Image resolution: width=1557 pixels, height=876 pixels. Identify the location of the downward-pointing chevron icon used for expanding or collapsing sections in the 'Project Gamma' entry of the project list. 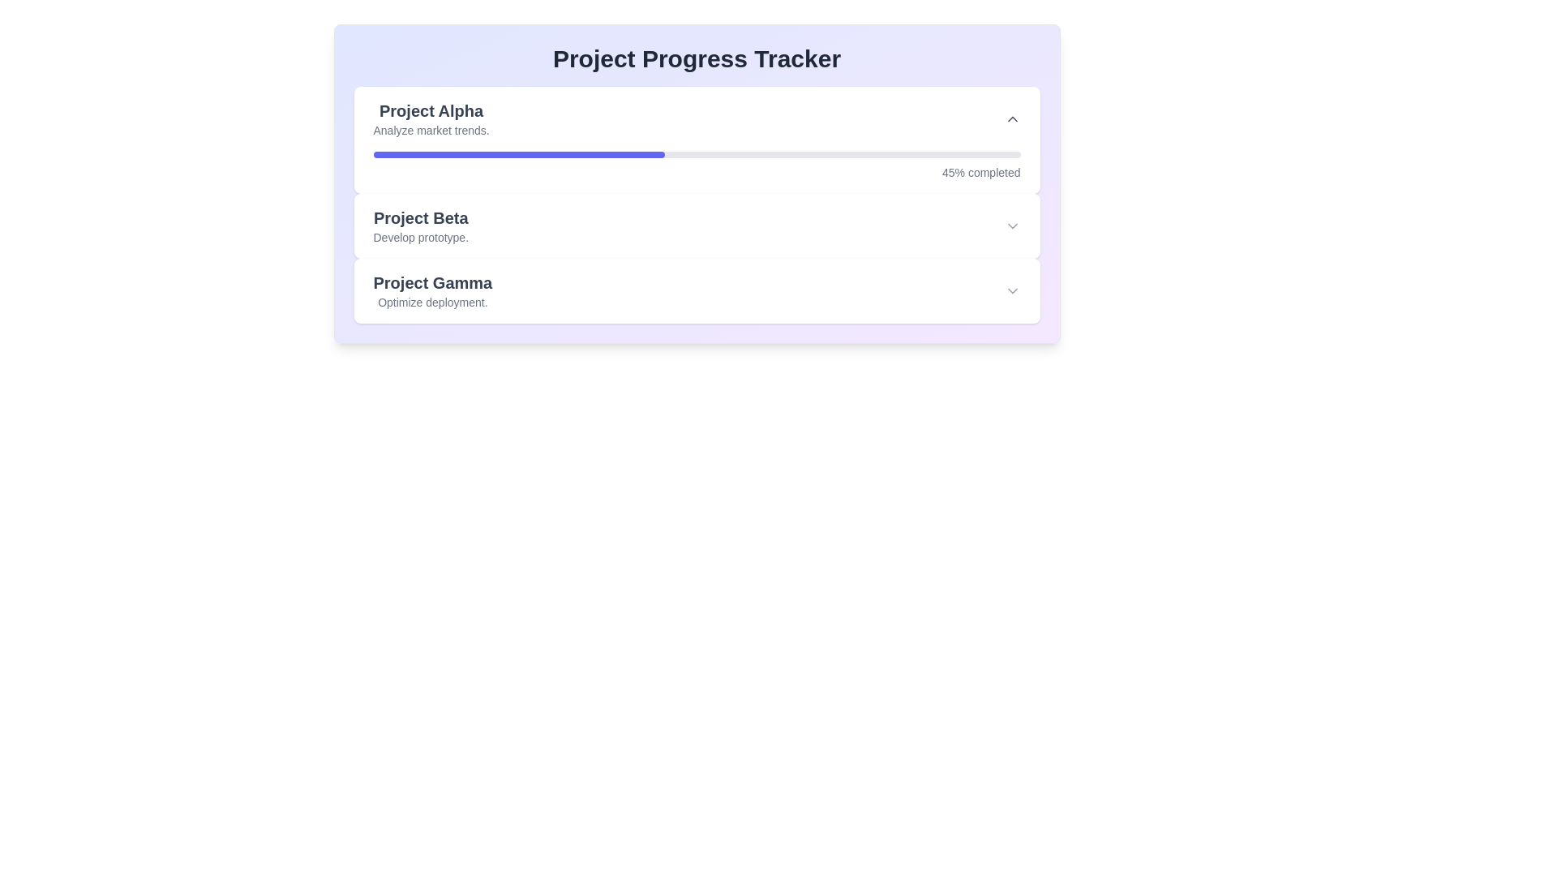
(1011, 290).